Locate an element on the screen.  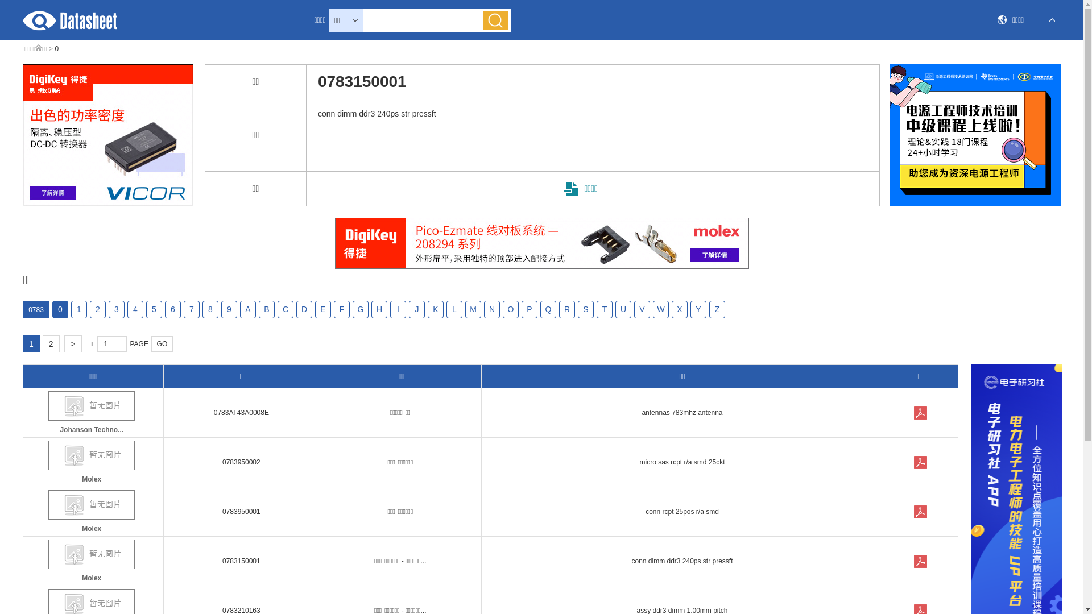
'0783950001' is located at coordinates (222, 511).